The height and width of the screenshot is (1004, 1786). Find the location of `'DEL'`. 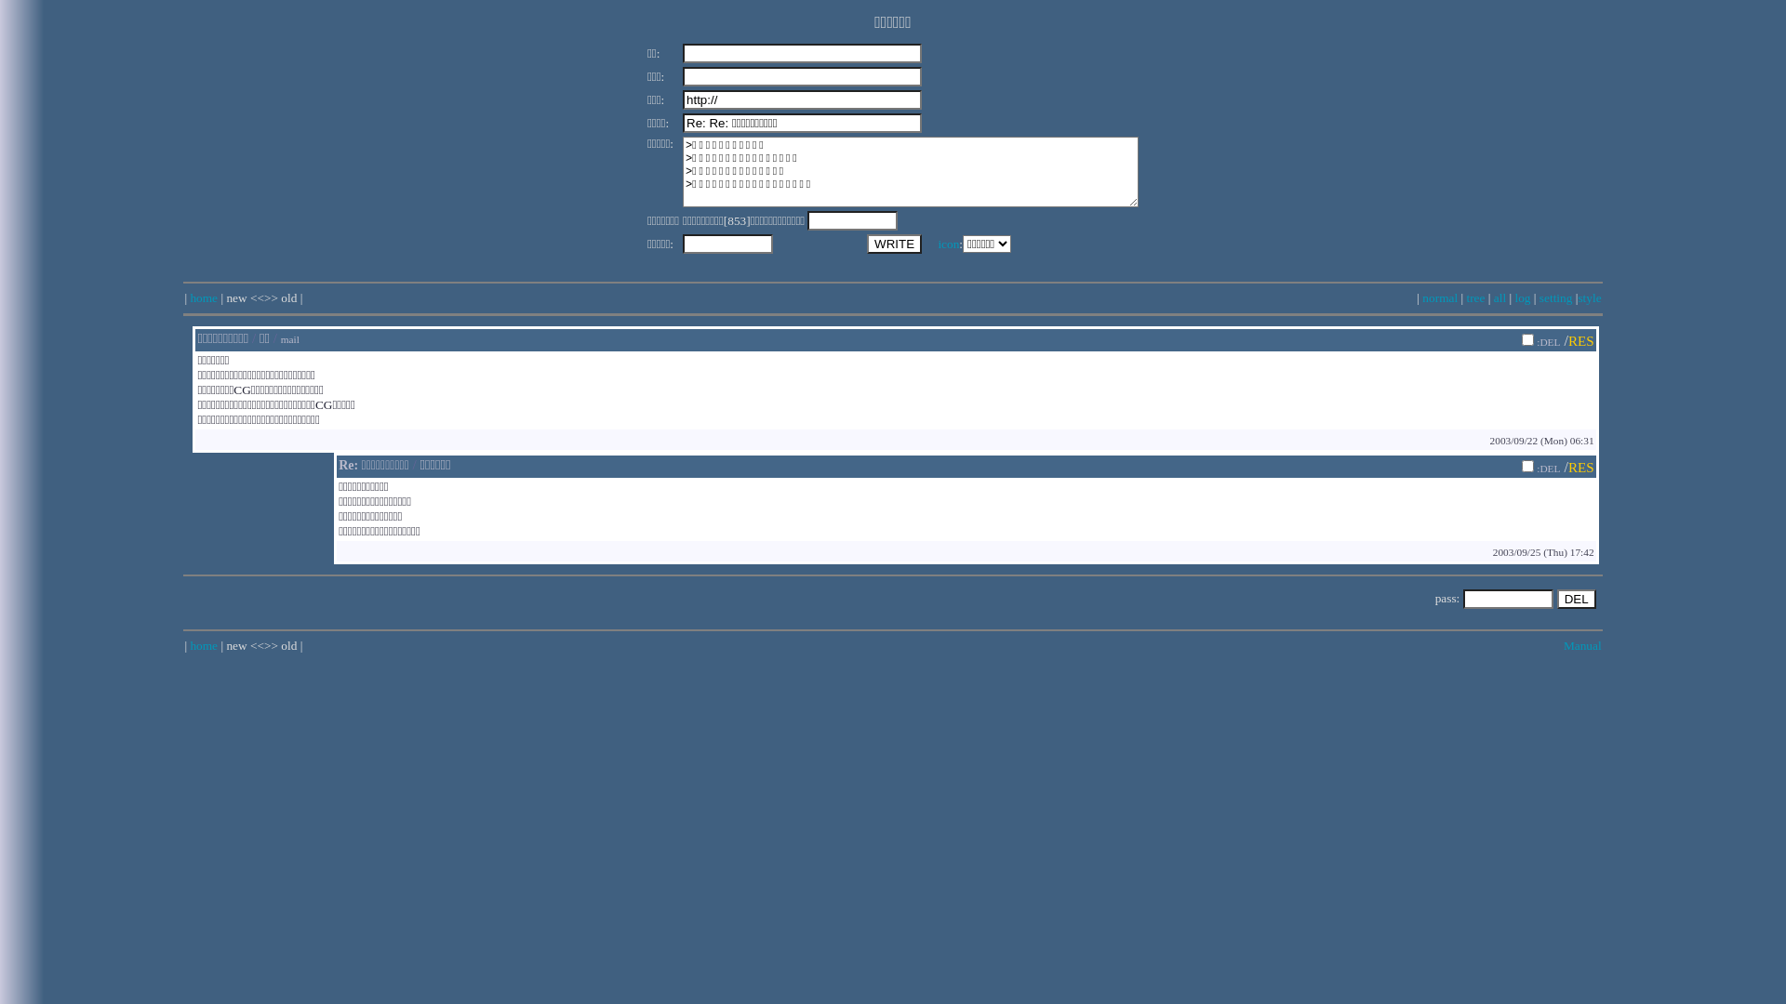

'DEL' is located at coordinates (1557, 599).